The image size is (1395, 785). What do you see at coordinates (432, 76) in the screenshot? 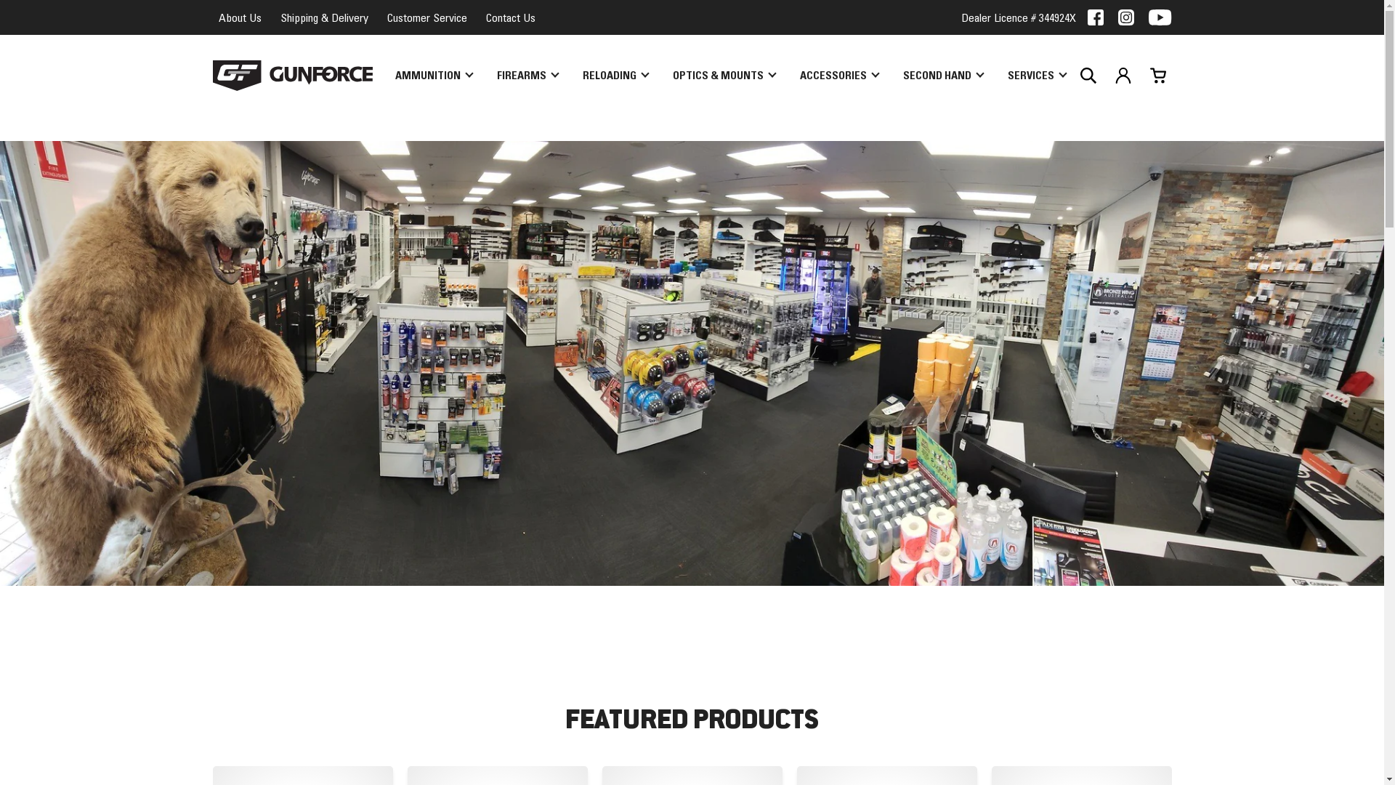
I see `'AMMUNITION'` at bounding box center [432, 76].